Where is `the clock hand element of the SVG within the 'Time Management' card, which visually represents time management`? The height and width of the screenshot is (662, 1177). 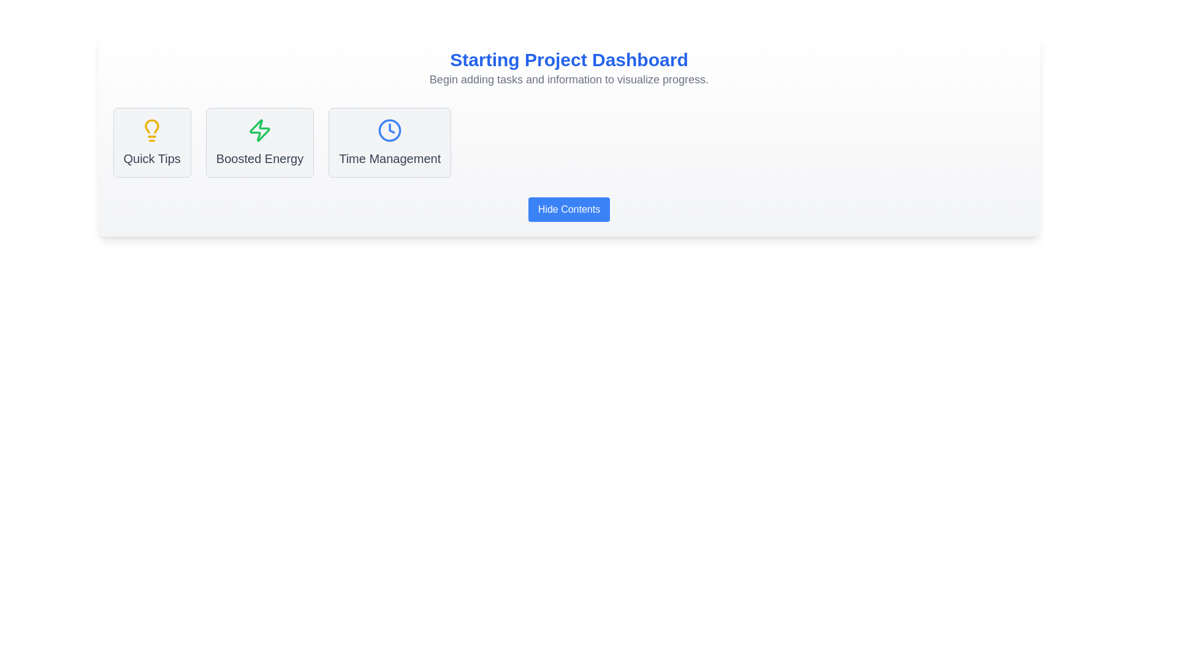
the clock hand element of the SVG within the 'Time Management' card, which visually represents time management is located at coordinates (391, 128).